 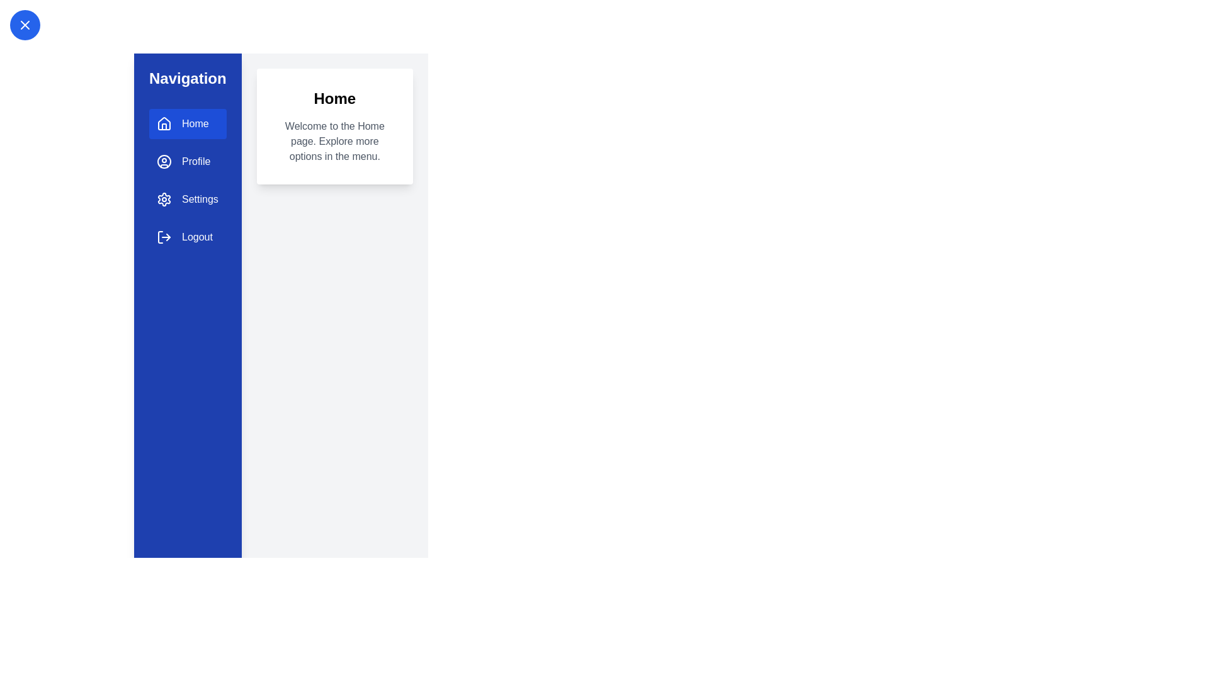 I want to click on toggle button at the top-left corner to toggle the drawer open or closed, so click(x=25, y=25).